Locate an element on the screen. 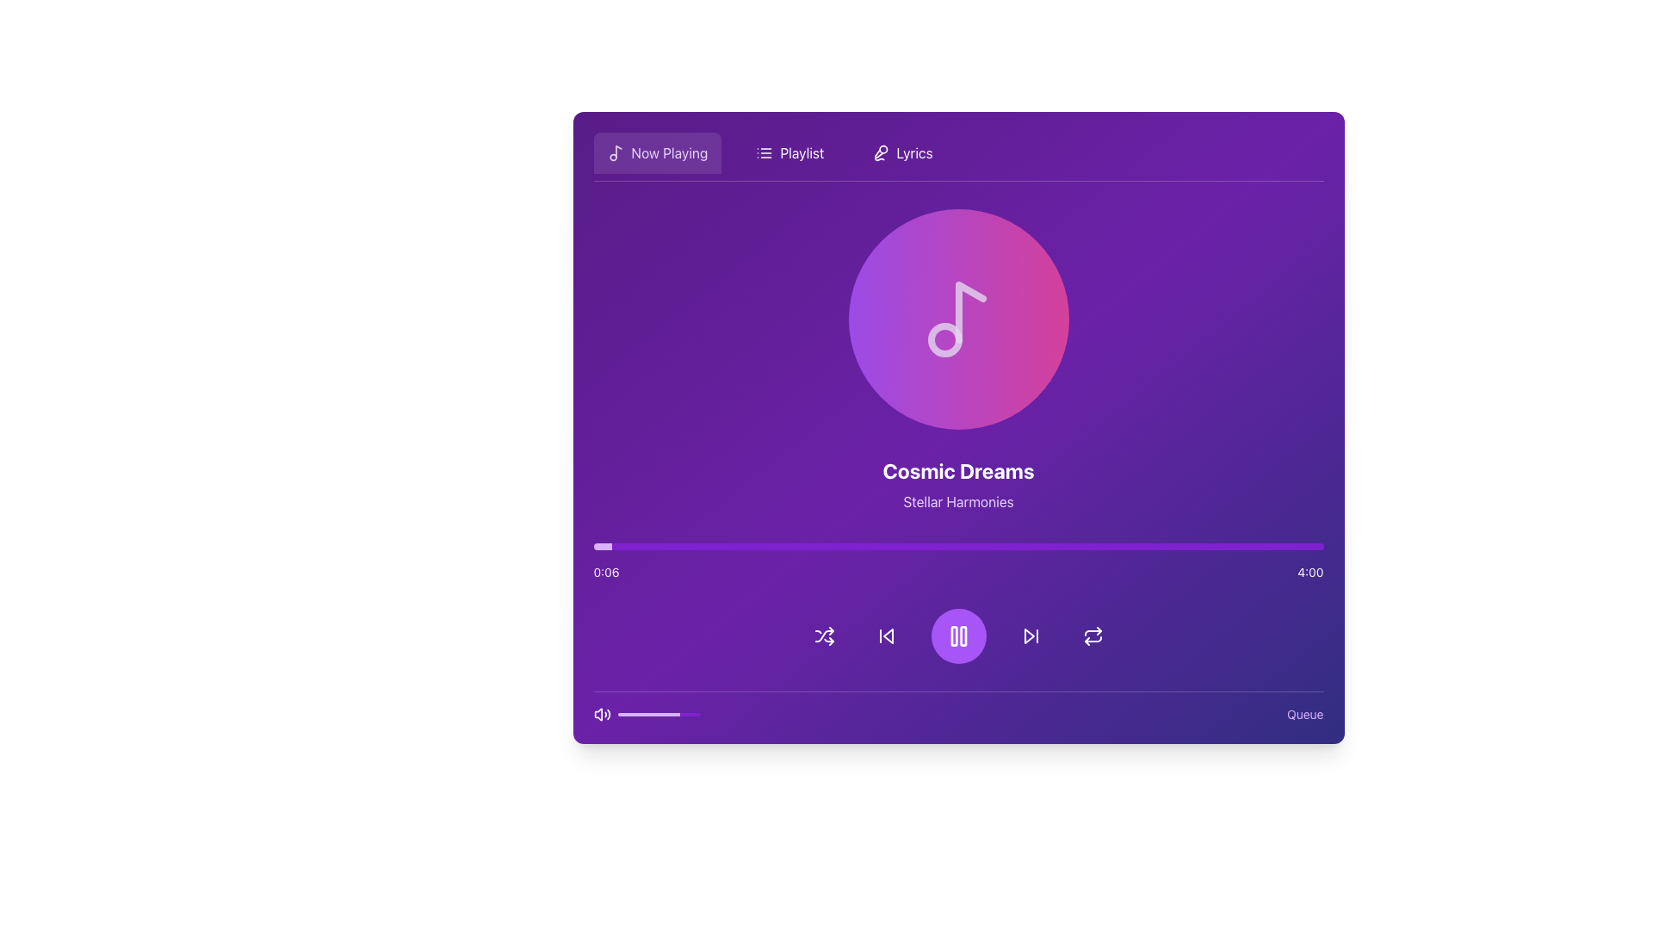 Image resolution: width=1653 pixels, height=930 pixels. playback progress is located at coordinates (1045, 547).